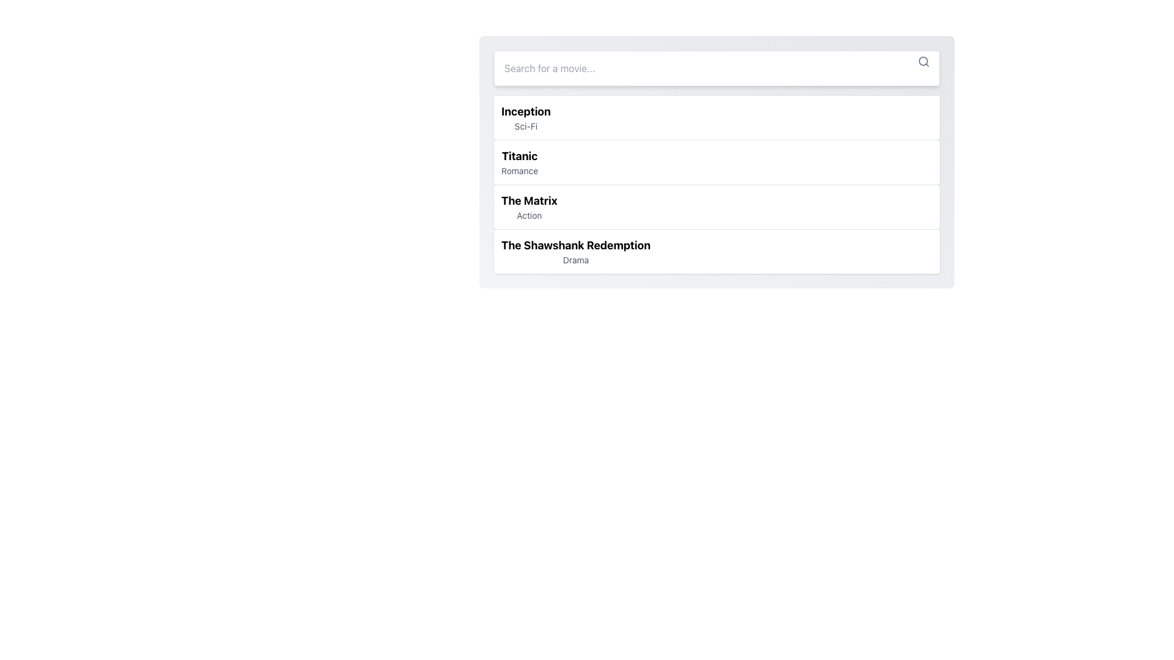 The image size is (1174, 660). Describe the element at coordinates (717, 185) in the screenshot. I see `the third list item containing the movie title 'The Matrix' and genre 'Action' in the movie list component` at that location.